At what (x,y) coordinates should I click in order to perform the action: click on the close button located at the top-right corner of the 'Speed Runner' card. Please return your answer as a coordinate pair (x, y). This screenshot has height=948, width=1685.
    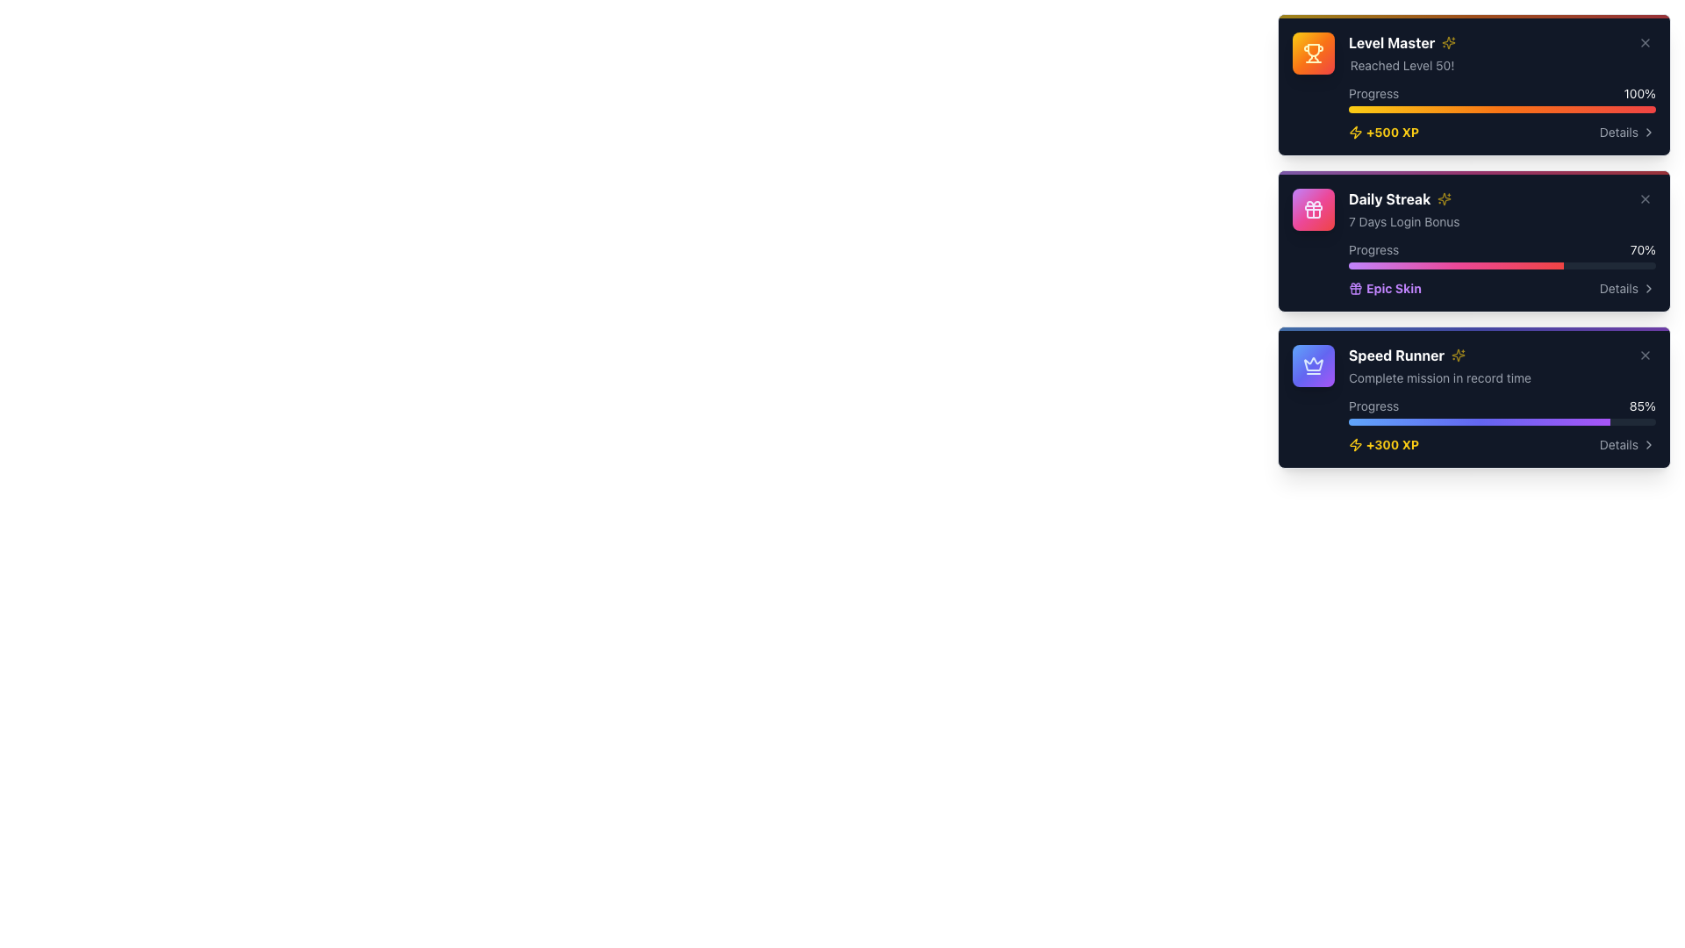
    Looking at the image, I should click on (1645, 355).